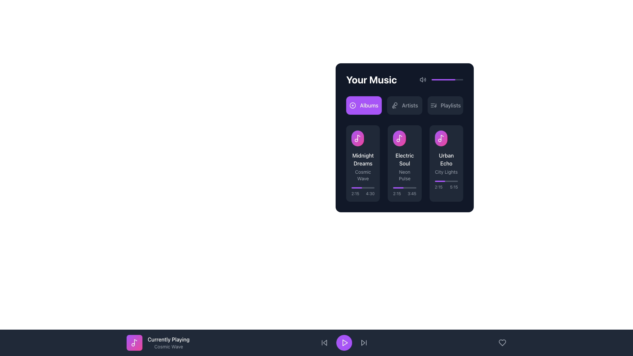 The width and height of the screenshot is (633, 356). Describe the element at coordinates (438, 79) in the screenshot. I see `the volume slider` at that location.